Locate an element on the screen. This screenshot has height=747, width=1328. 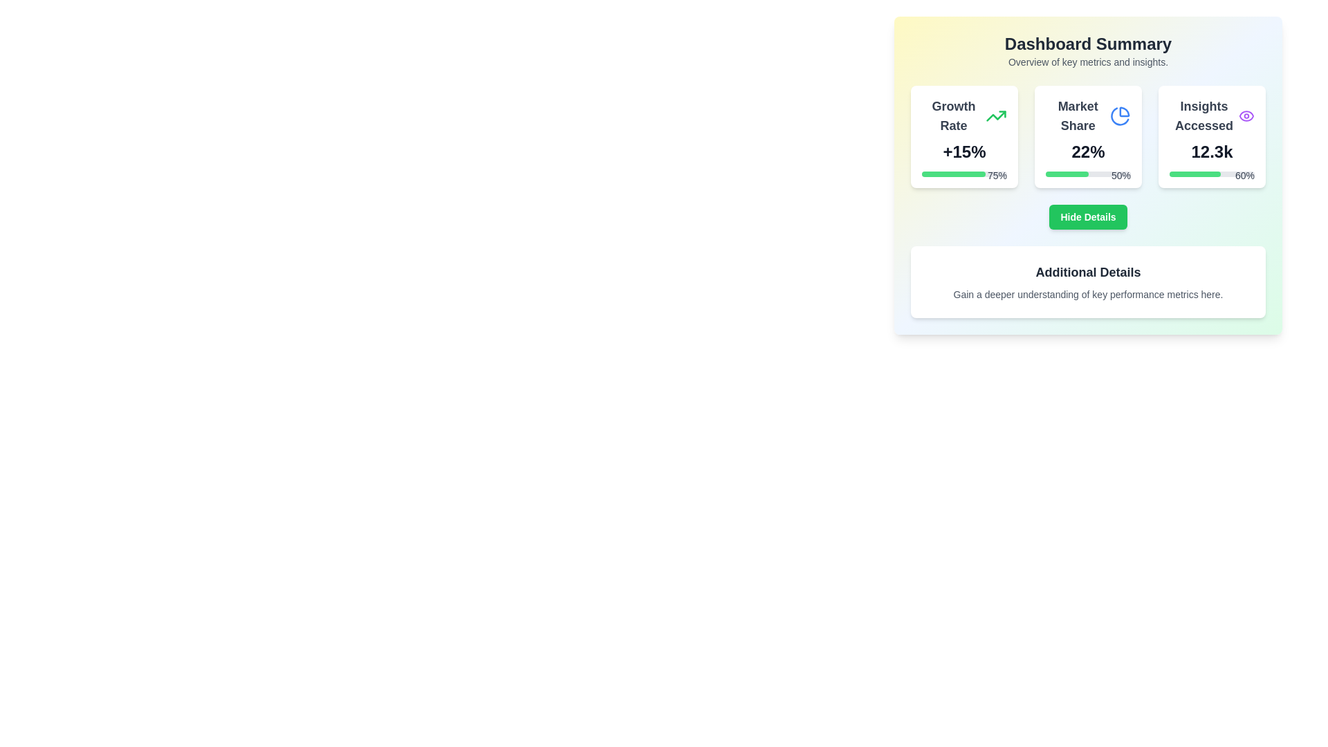
the green upward trending arrow within the 'Growth Rate' card on the dashboard, located in the top left area of the card is located at coordinates (996, 116).